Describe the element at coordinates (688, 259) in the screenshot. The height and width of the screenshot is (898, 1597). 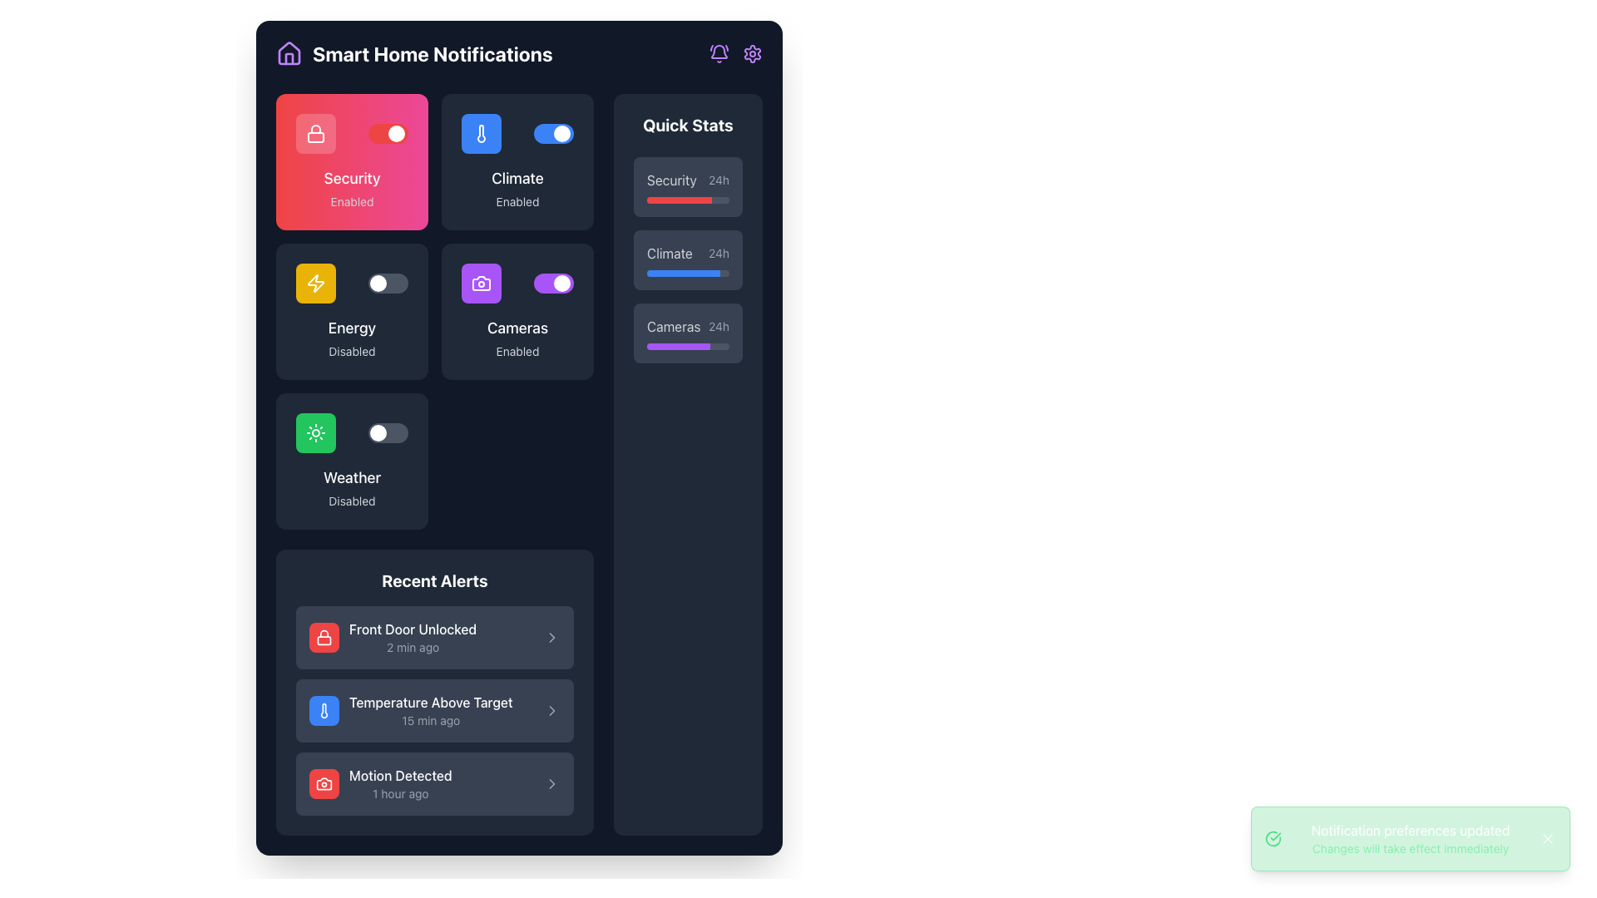
I see `the middle widget displaying climate statistics` at that location.